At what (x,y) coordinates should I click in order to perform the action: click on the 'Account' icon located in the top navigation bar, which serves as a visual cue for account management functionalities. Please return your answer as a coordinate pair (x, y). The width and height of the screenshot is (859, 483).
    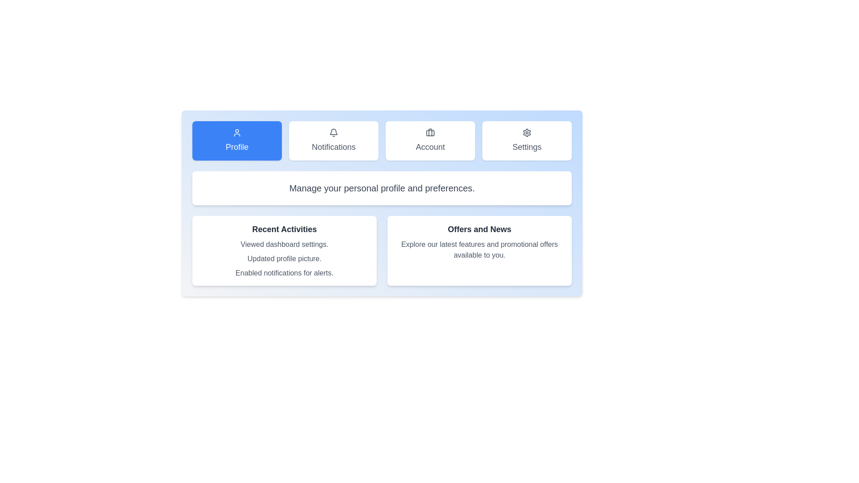
    Looking at the image, I should click on (430, 133).